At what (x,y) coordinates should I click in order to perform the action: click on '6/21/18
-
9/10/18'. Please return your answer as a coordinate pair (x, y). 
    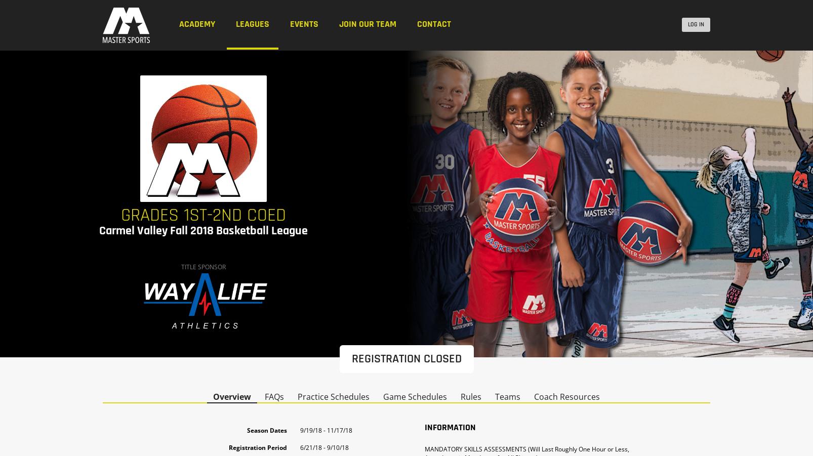
    Looking at the image, I should click on (323, 447).